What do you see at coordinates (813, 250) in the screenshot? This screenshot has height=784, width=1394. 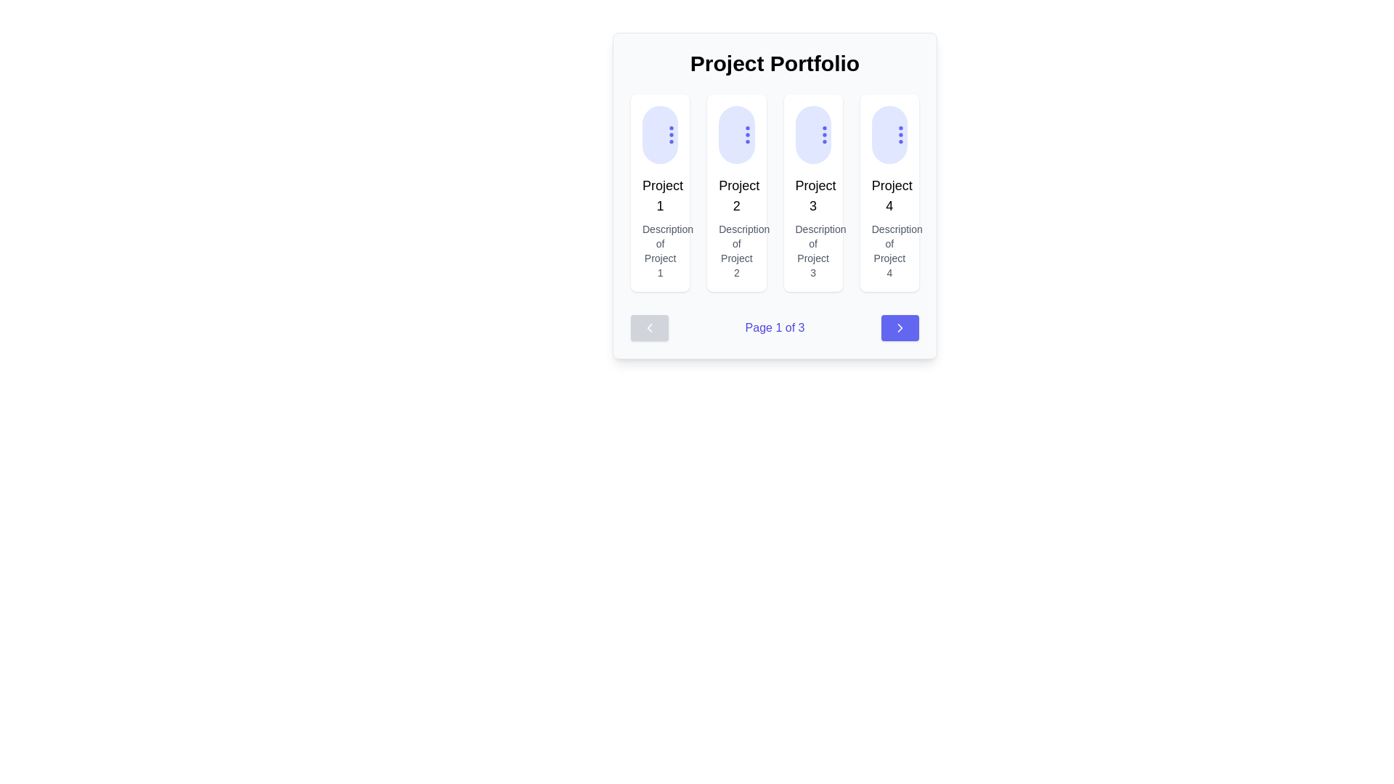 I see `informational static text element located in the third card from the left, positioned below the main heading 'Project 3'` at bounding box center [813, 250].